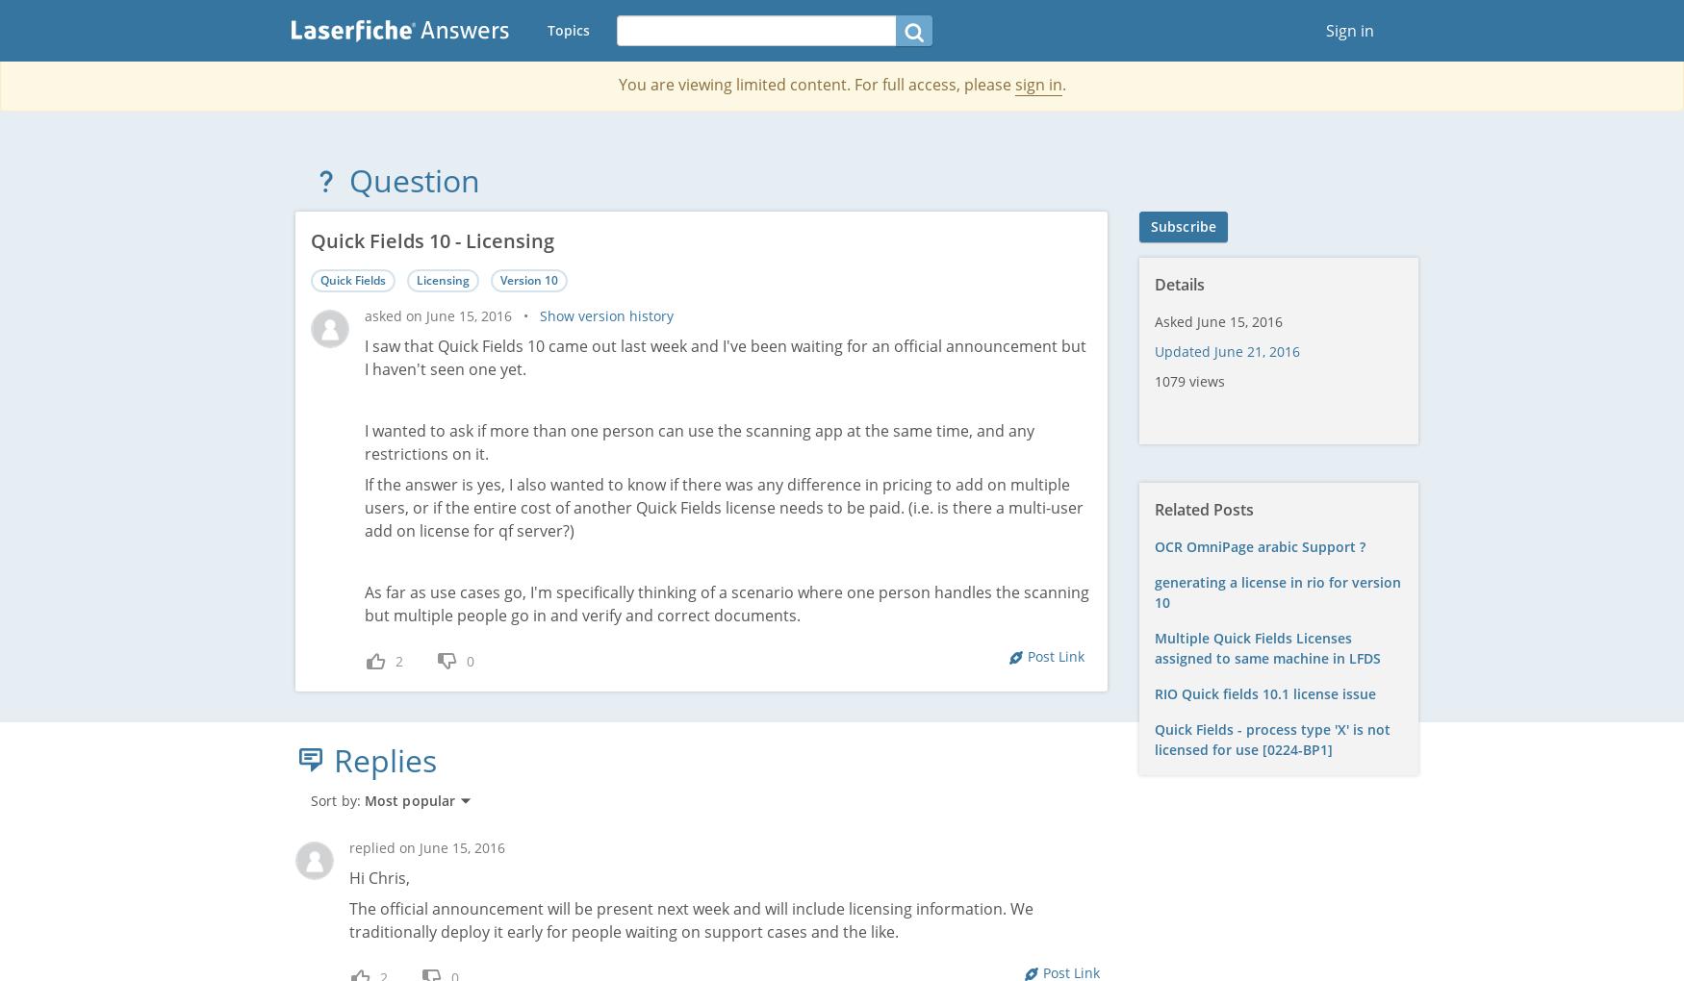  I want to click on 'Updated June 21, 2016', so click(1154, 350).